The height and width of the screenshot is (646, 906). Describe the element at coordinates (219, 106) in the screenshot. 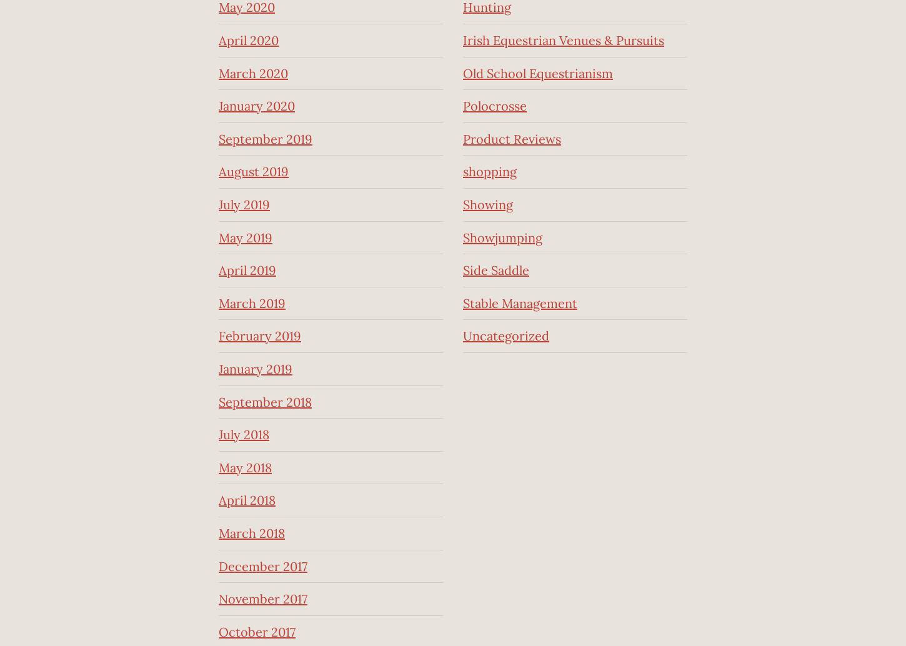

I see `'January 2020'` at that location.